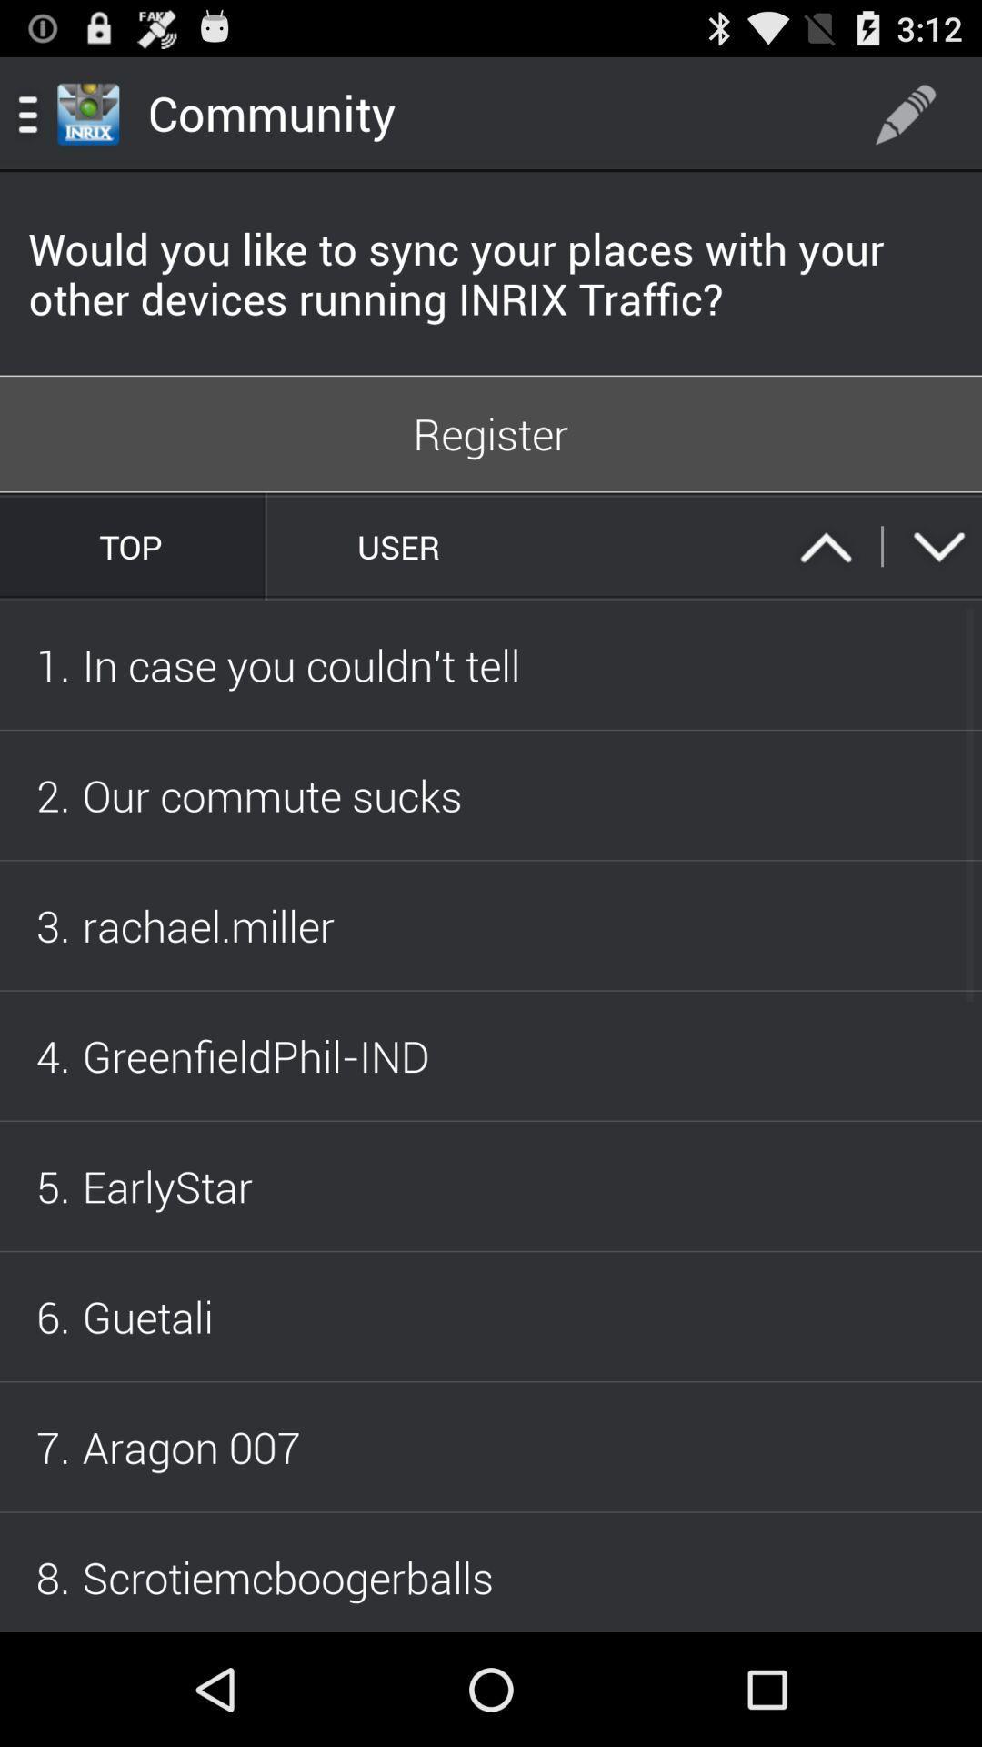 The width and height of the screenshot is (982, 1747). I want to click on go up, so click(826, 545).